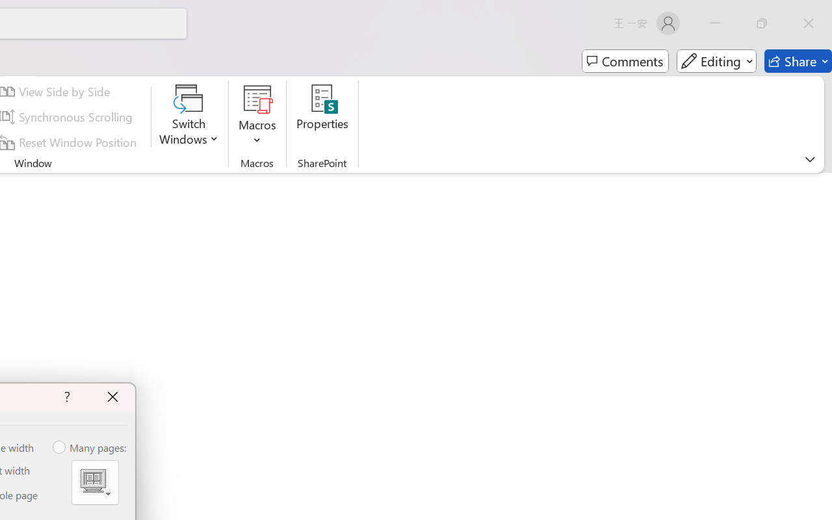 The image size is (832, 520). What do you see at coordinates (798, 61) in the screenshot?
I see `'Share'` at bounding box center [798, 61].